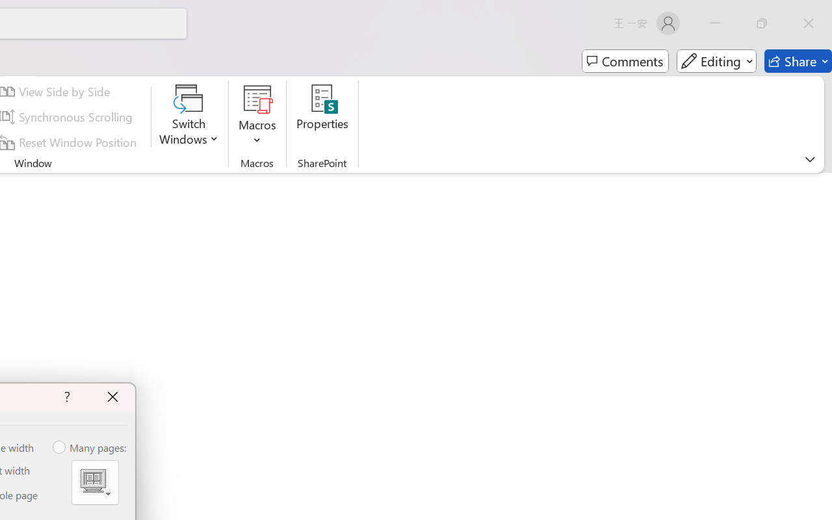 The image size is (832, 520). What do you see at coordinates (798, 61) in the screenshot?
I see `'Share'` at bounding box center [798, 61].